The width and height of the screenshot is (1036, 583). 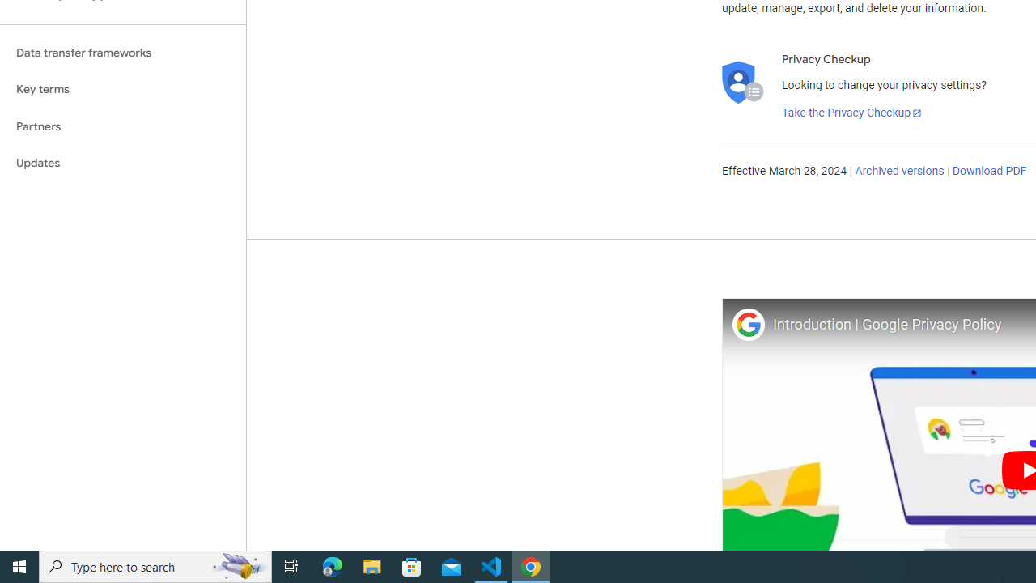 I want to click on 'Photo image of Google', so click(x=747, y=324).